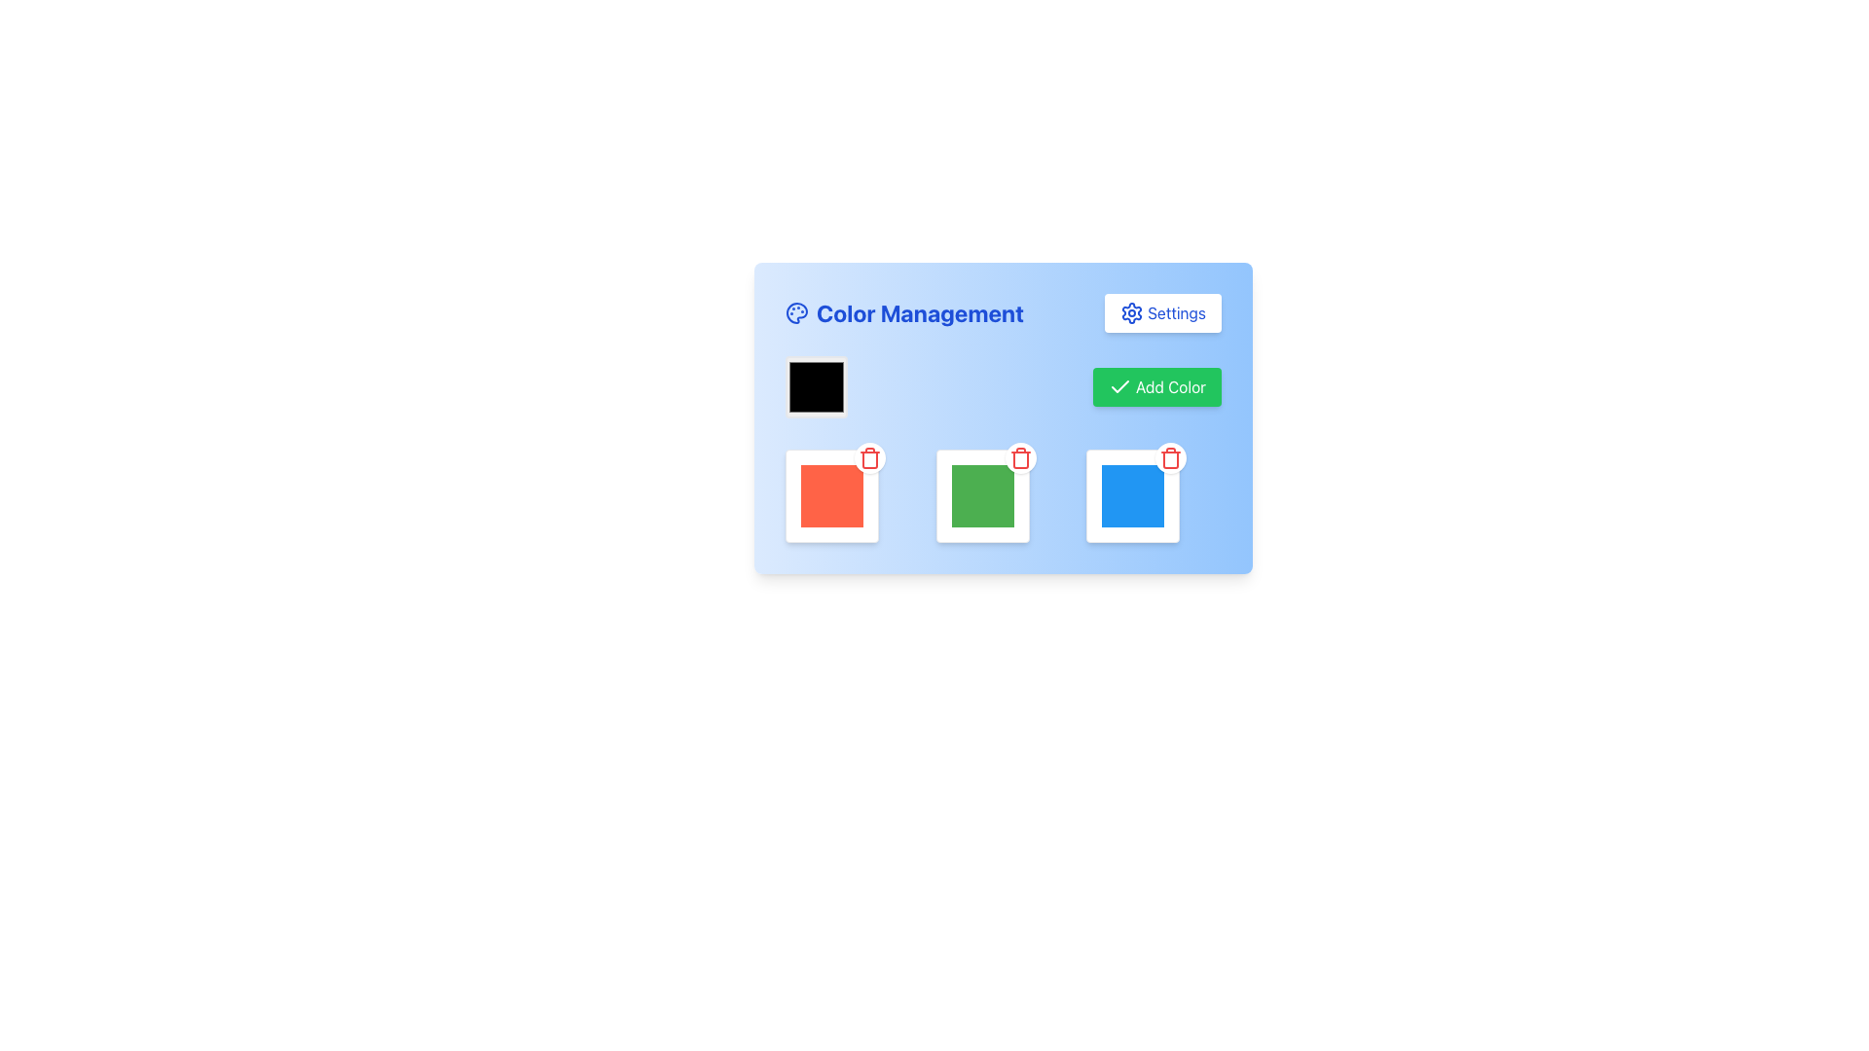 The width and height of the screenshot is (1869, 1051). I want to click on the interactive element containing a blue square tile and a red-bordered trash icon button located at the bottom-right of three colored squares, so click(1133, 494).